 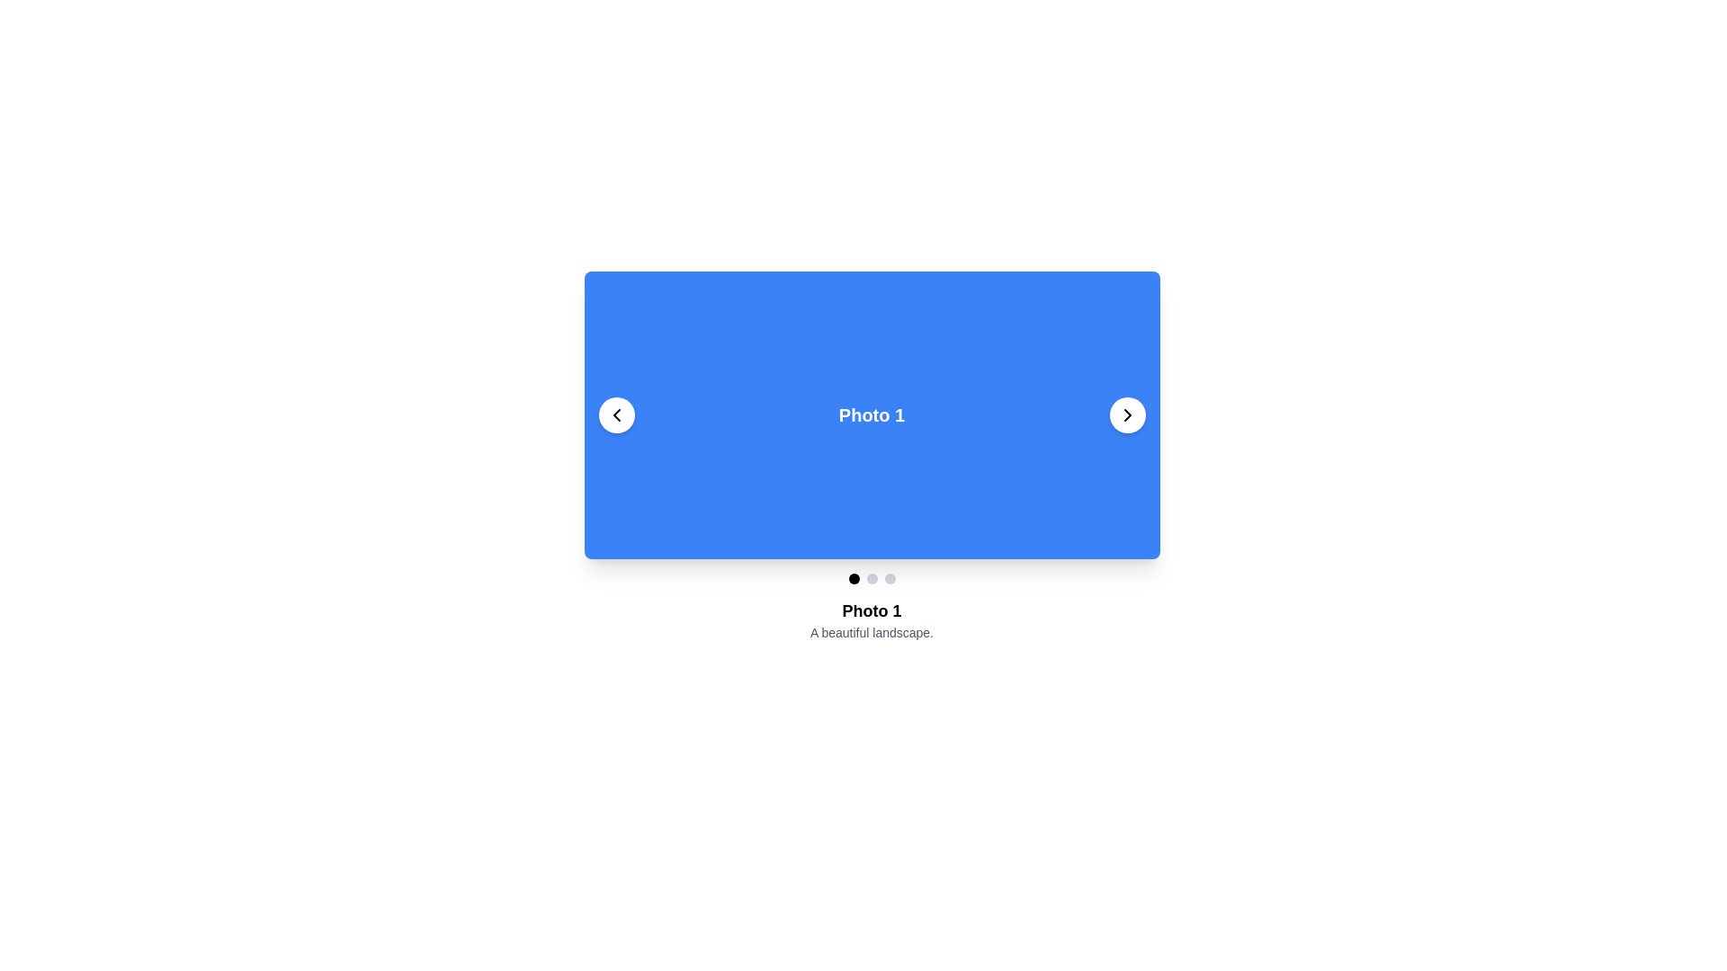 What do you see at coordinates (853, 579) in the screenshot?
I see `the leftmost circular indicator below the text labeled 'Photo 1', which serves as a visual indicator of the active state in the navigation carousel` at bounding box center [853, 579].